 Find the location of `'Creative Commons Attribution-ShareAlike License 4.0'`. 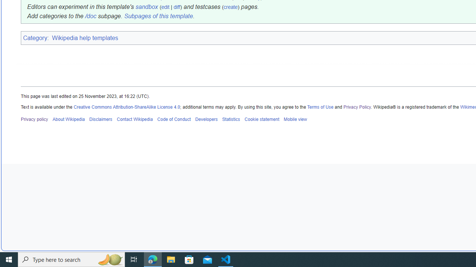

'Creative Commons Attribution-ShareAlike License 4.0' is located at coordinates (127, 107).